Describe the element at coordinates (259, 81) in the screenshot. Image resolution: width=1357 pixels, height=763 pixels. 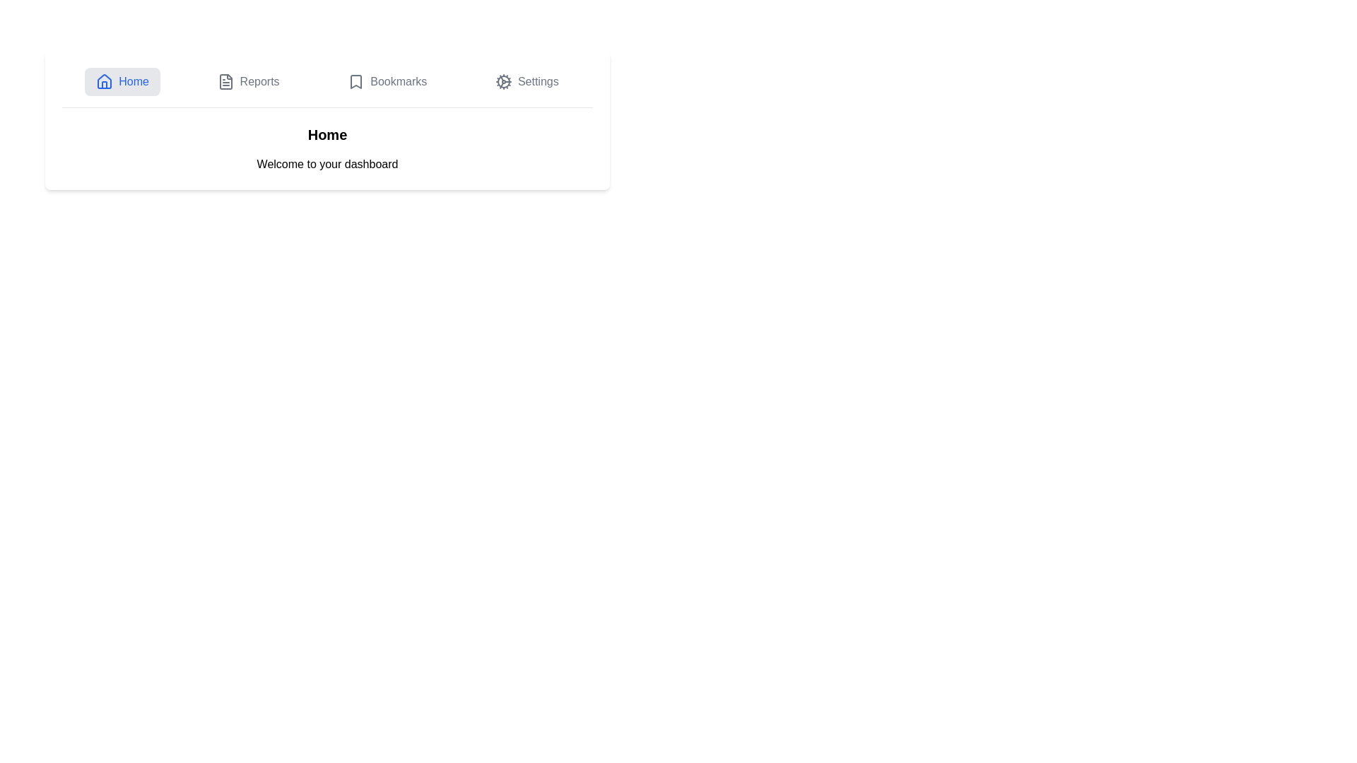
I see `text content of the 'Reports' label located in the top navigation bar, centrally positioned and second in sequence after 'Home'` at that location.